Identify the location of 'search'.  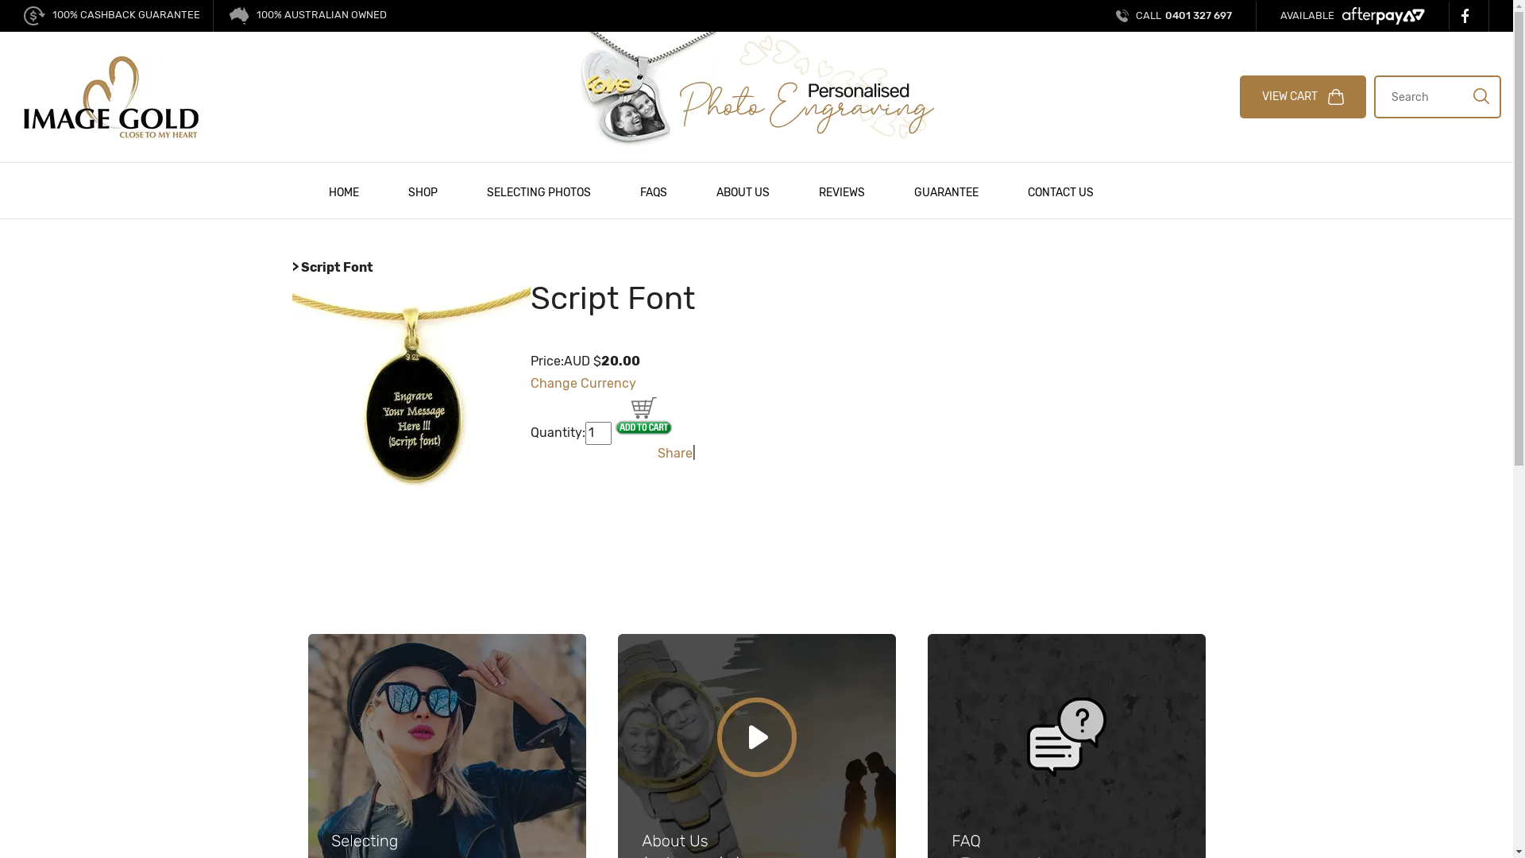
(1481, 95).